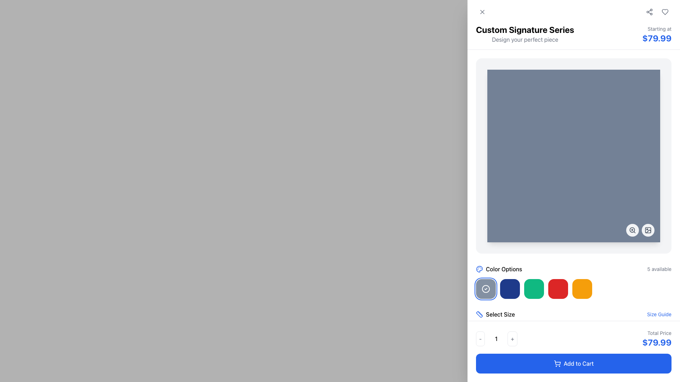 This screenshot has width=680, height=382. What do you see at coordinates (486, 289) in the screenshot?
I see `the first color option button` at bounding box center [486, 289].